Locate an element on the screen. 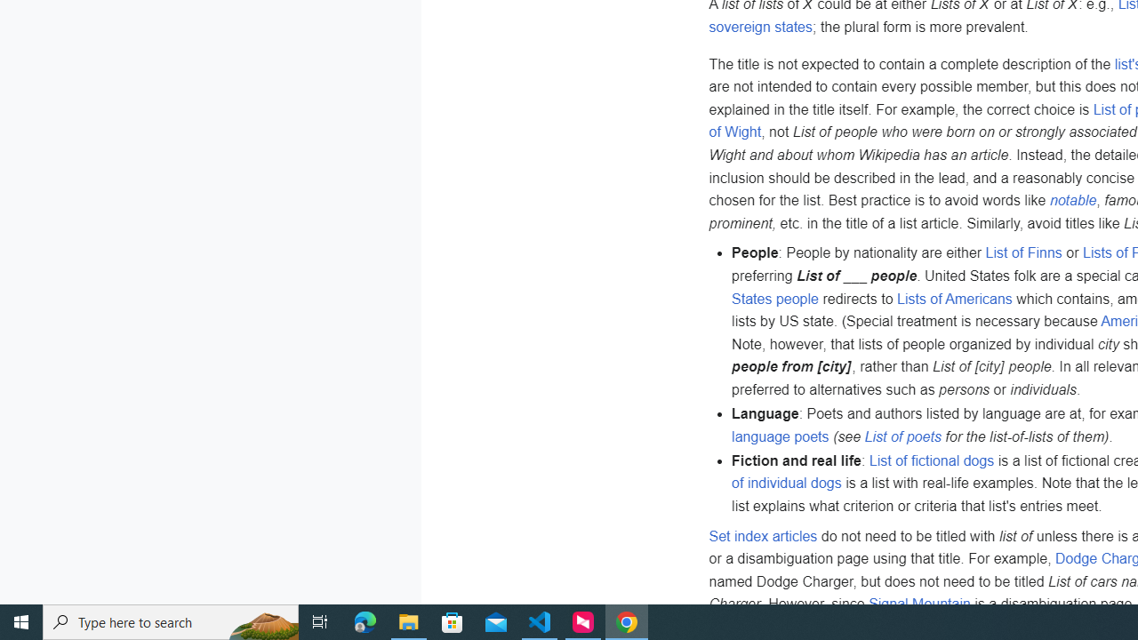  'notable' is located at coordinates (1072, 200).